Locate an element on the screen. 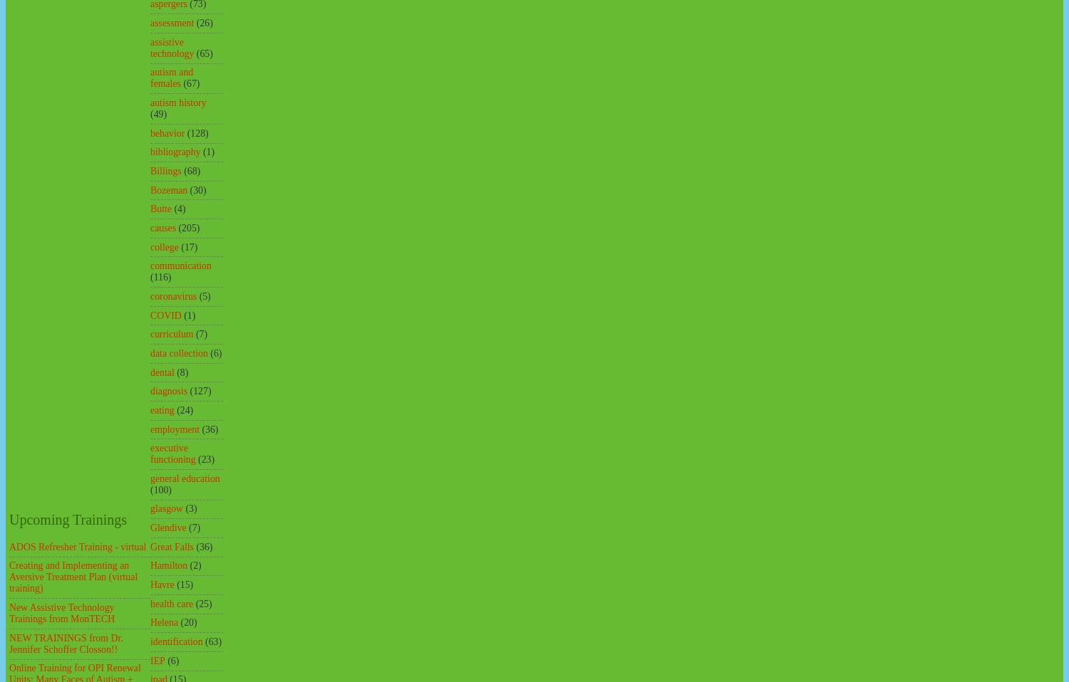 The width and height of the screenshot is (1069, 682). 'general education' is located at coordinates (185, 477).